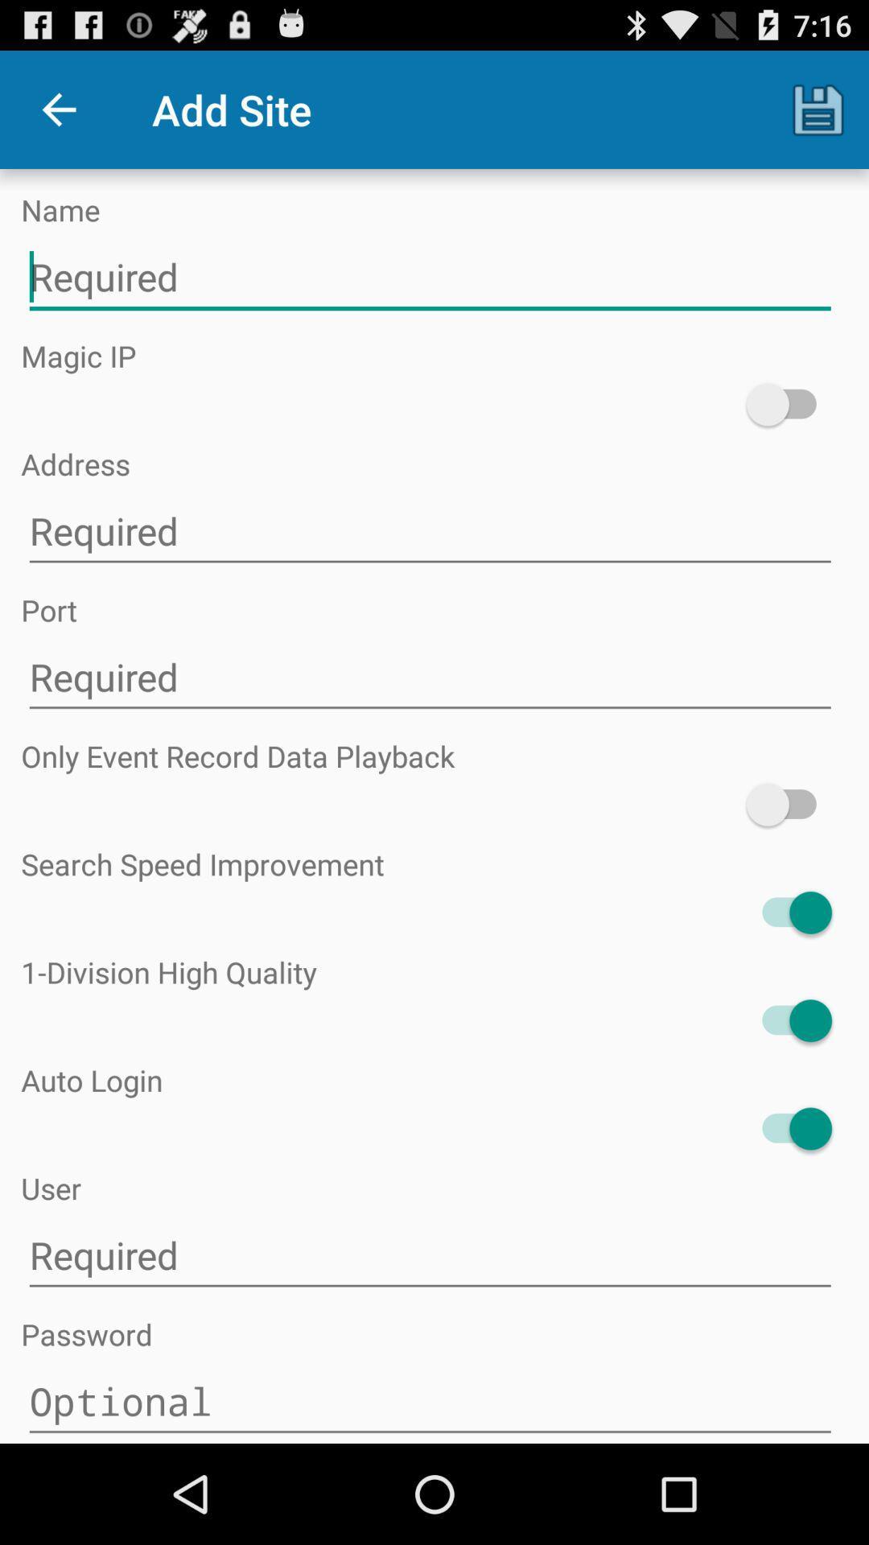 The width and height of the screenshot is (869, 1545). I want to click on the app to the left of the add site icon, so click(58, 109).